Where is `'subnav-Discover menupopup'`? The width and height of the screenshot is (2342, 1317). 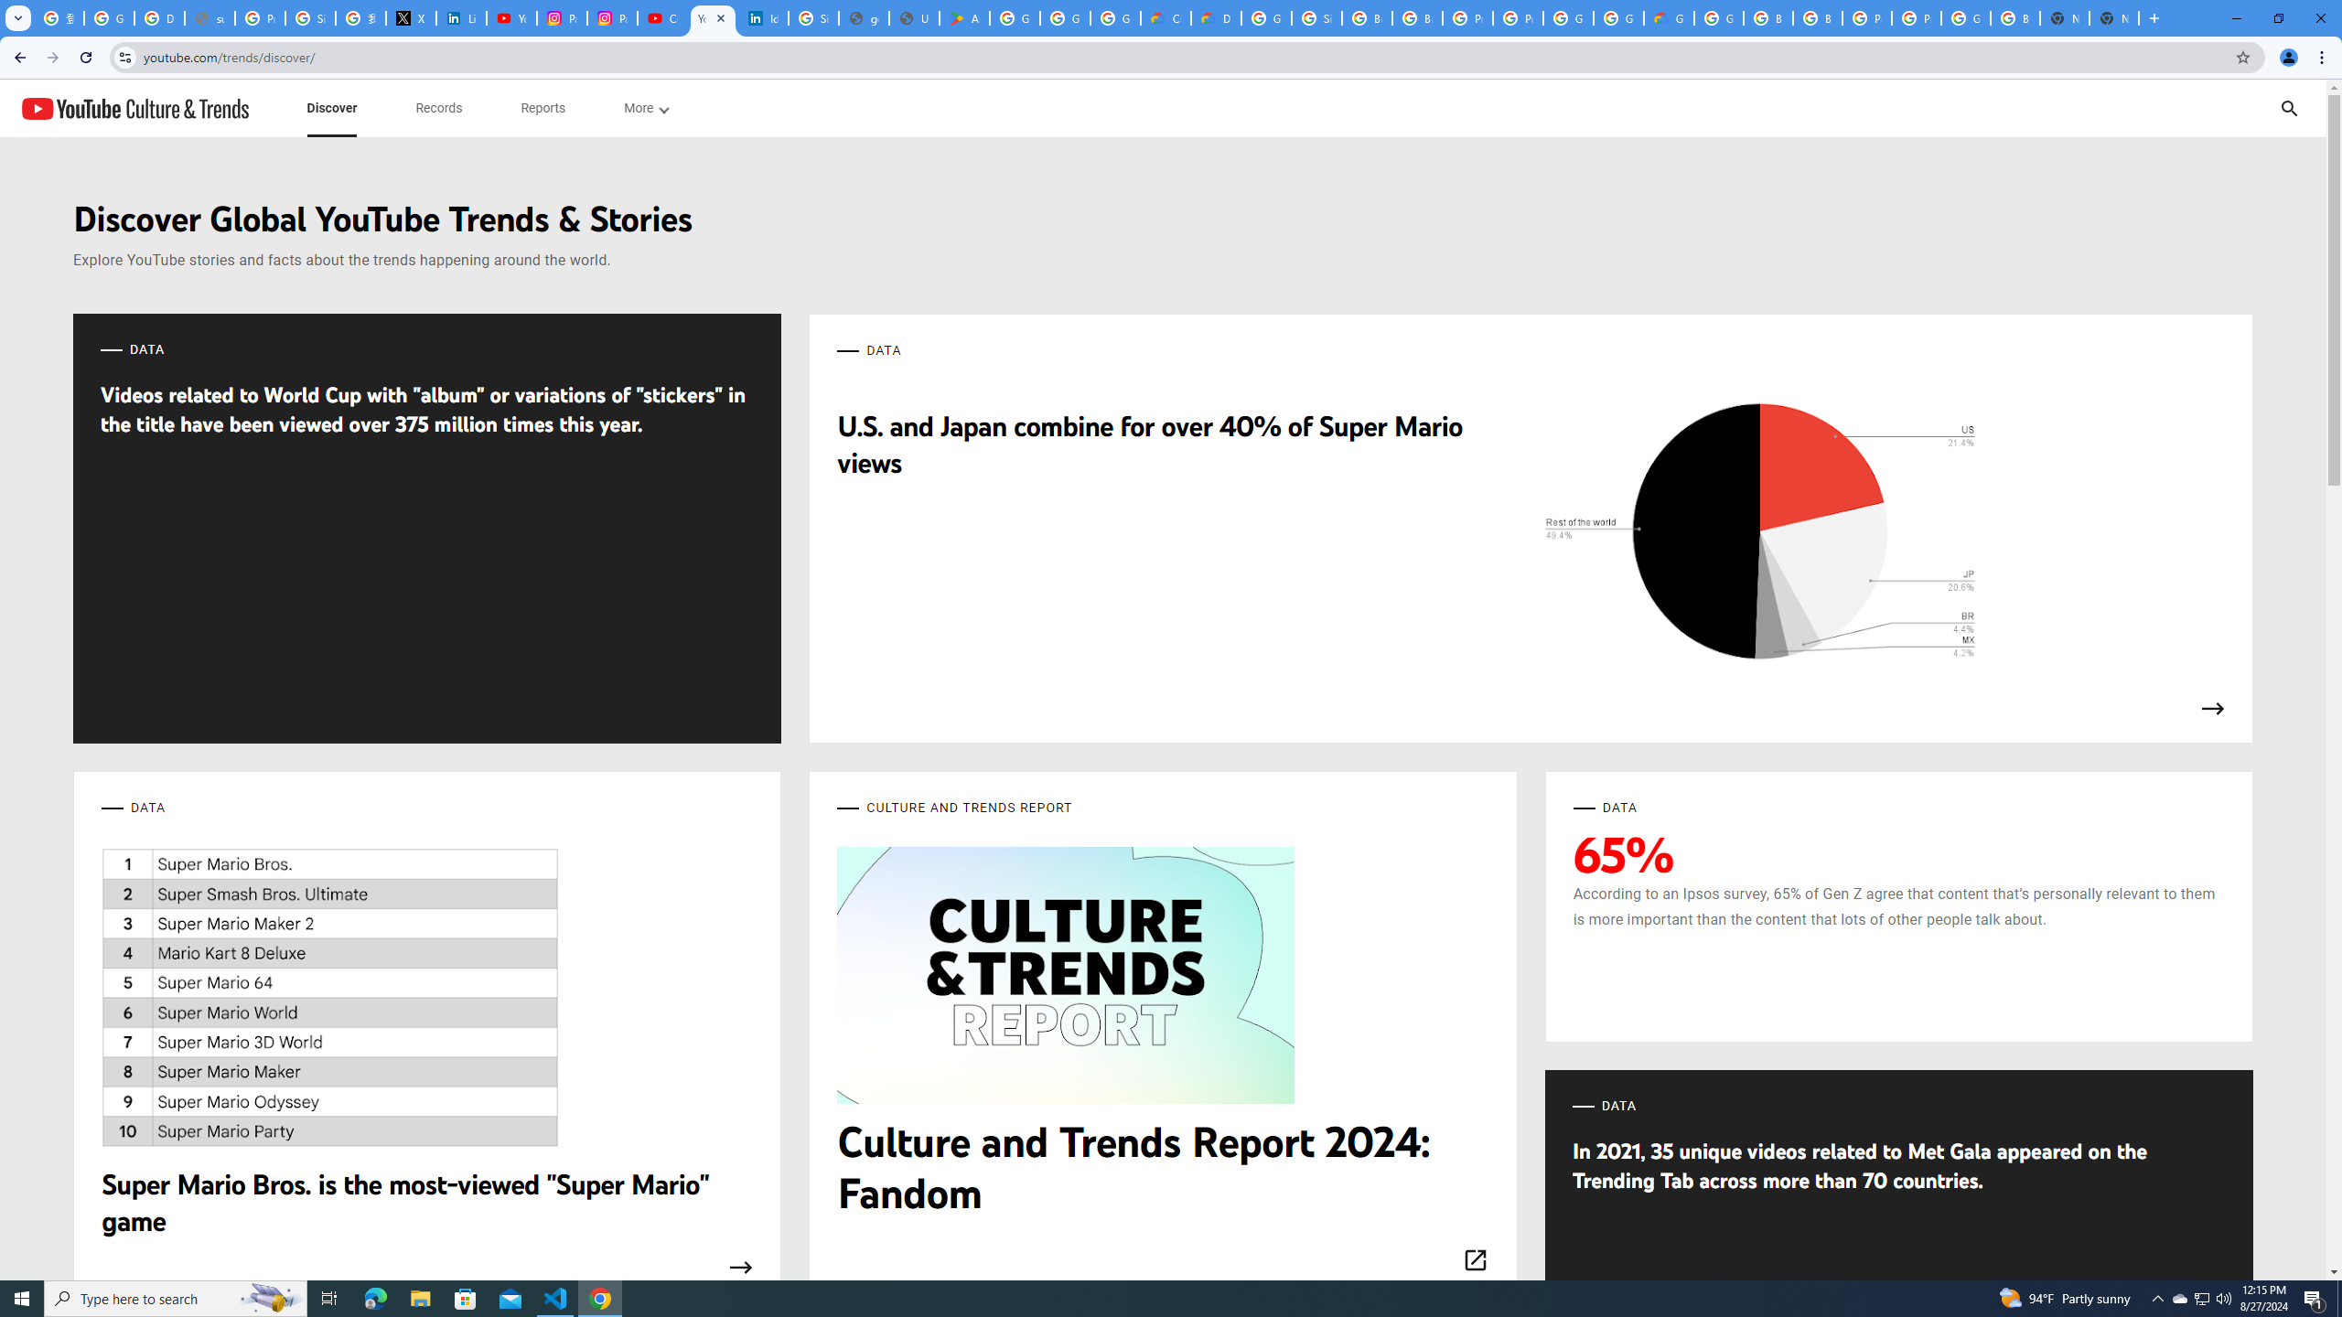
'subnav-Discover menupopup' is located at coordinates (331, 108).